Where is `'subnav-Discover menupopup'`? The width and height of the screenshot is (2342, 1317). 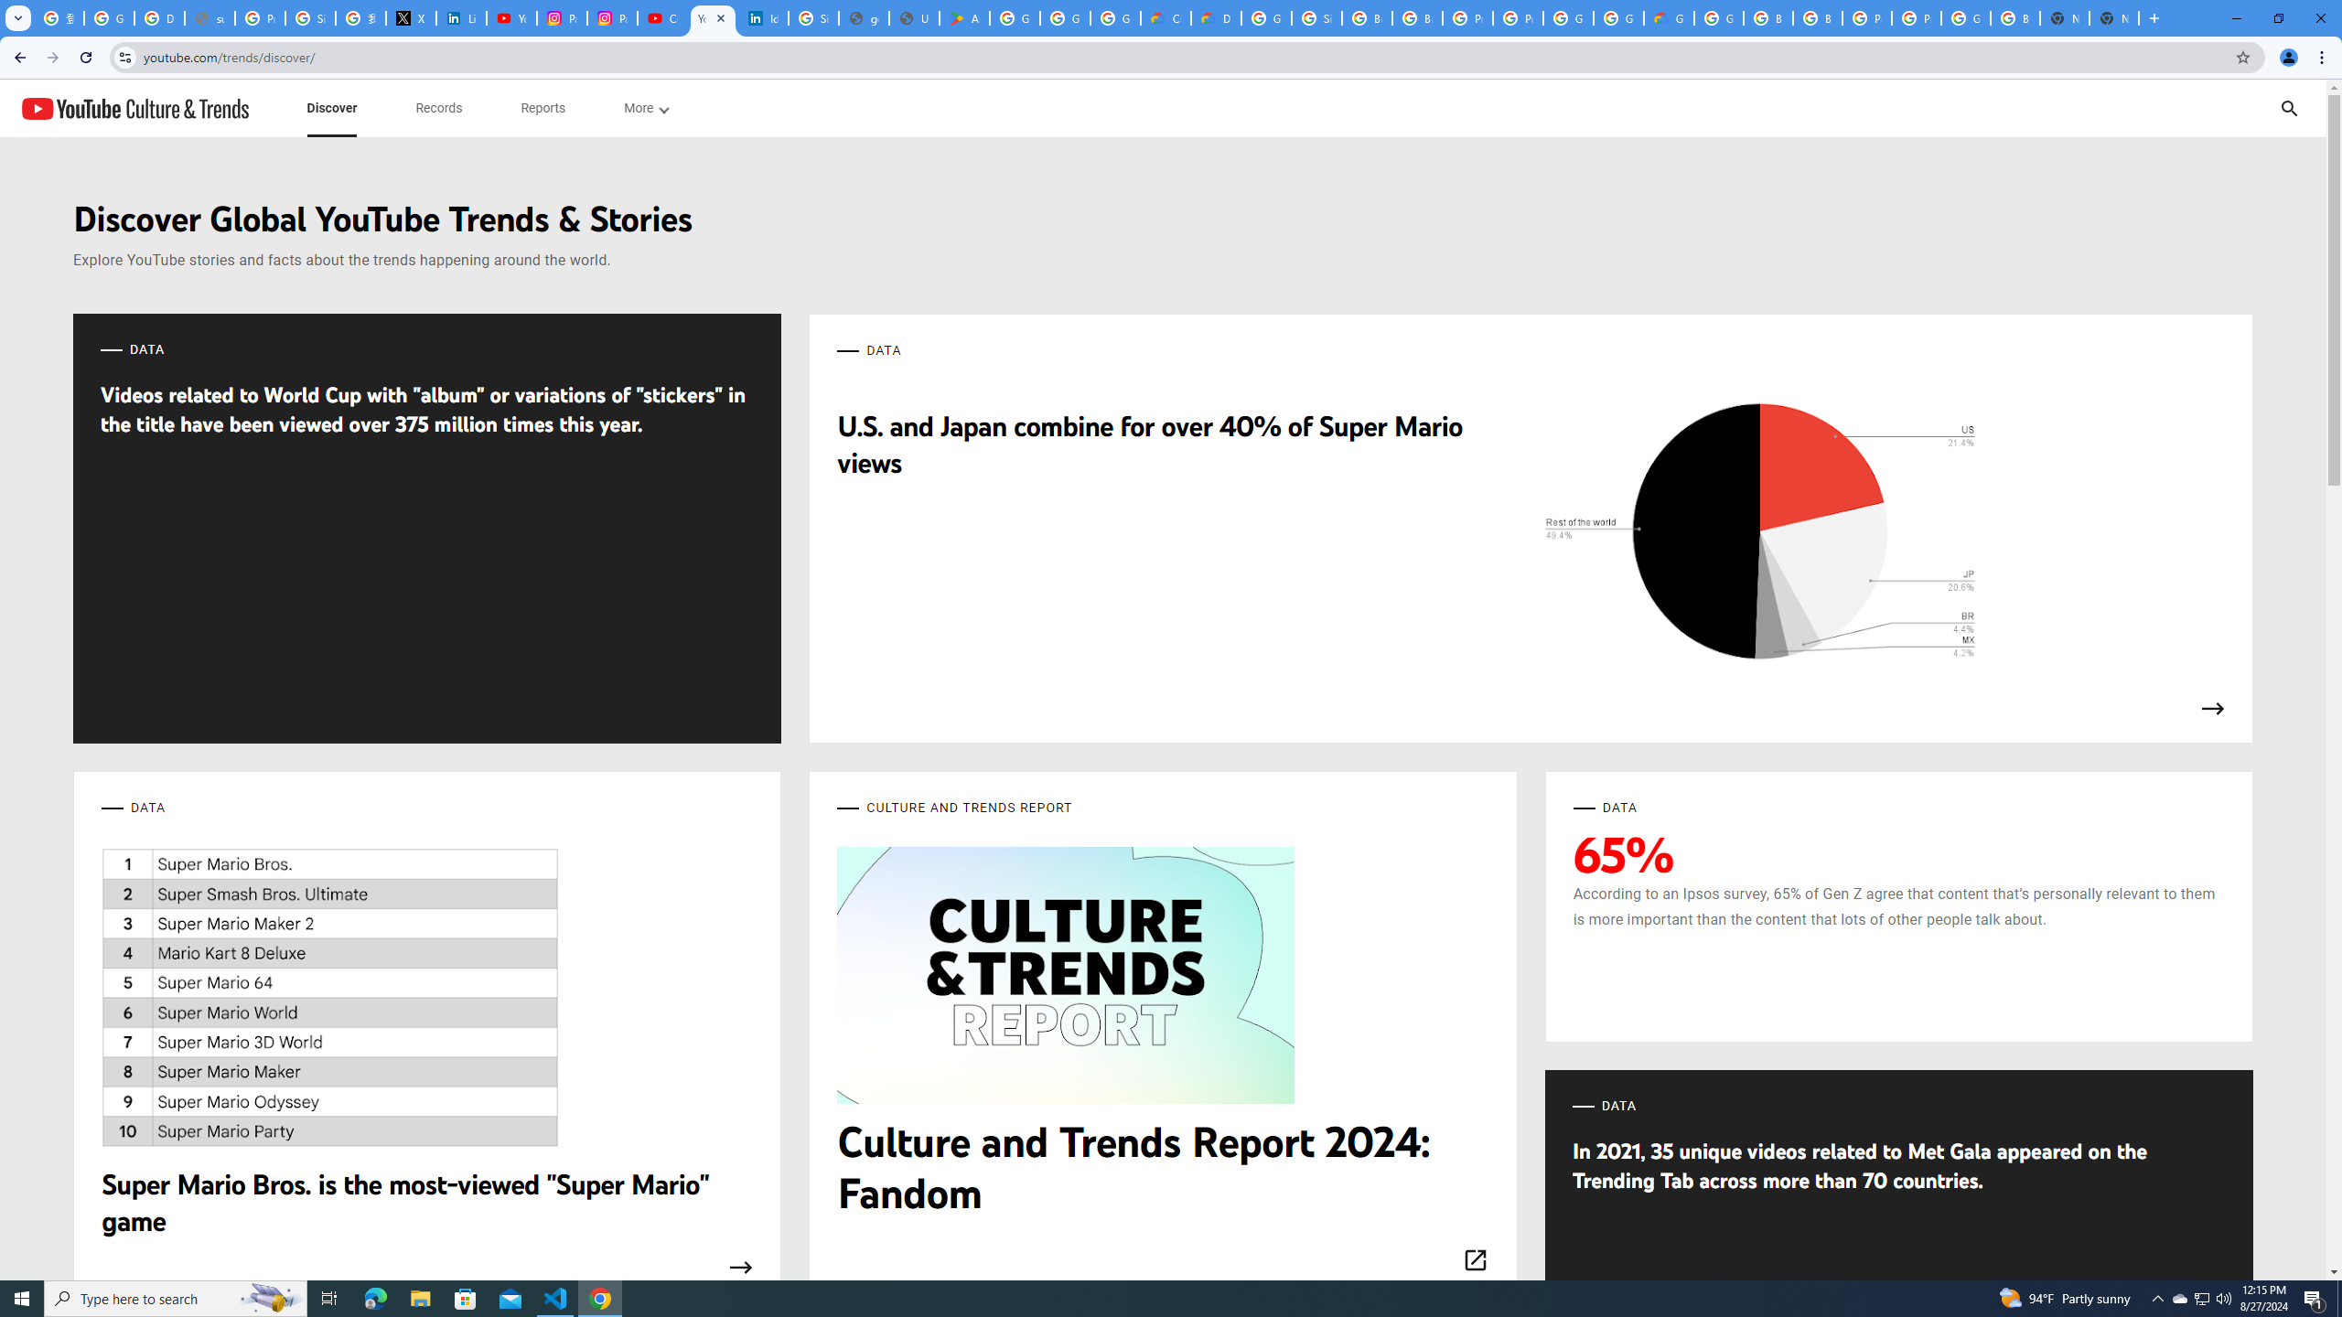
'subnav-Discover menupopup' is located at coordinates (331, 108).